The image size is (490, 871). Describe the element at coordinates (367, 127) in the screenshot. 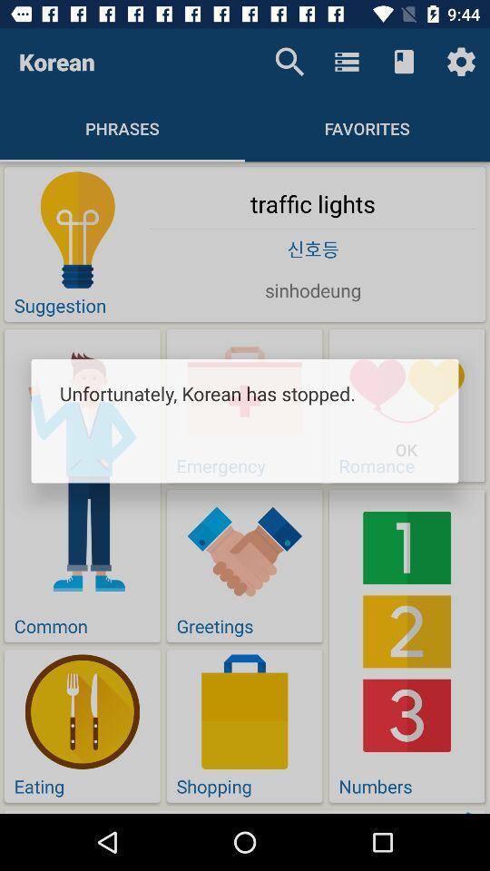

I see `favorites` at that location.